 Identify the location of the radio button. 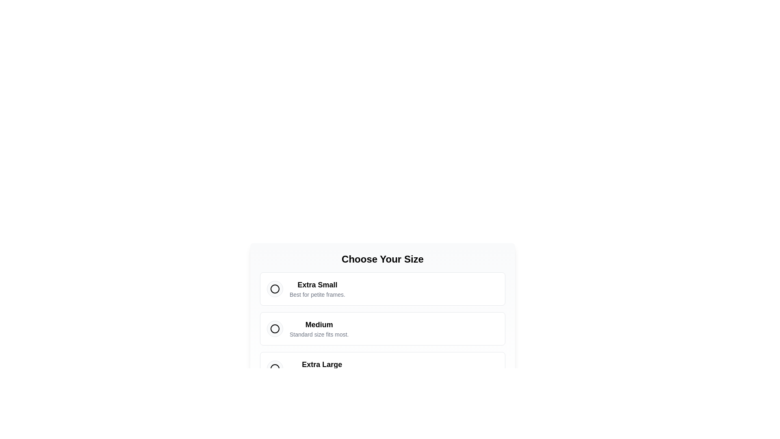
(275, 328).